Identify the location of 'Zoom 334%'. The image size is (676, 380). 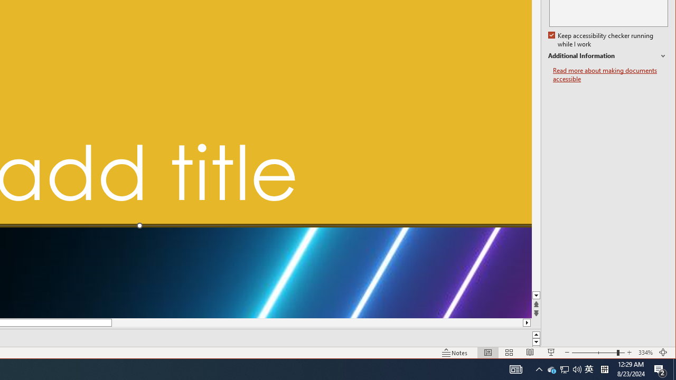
(645, 353).